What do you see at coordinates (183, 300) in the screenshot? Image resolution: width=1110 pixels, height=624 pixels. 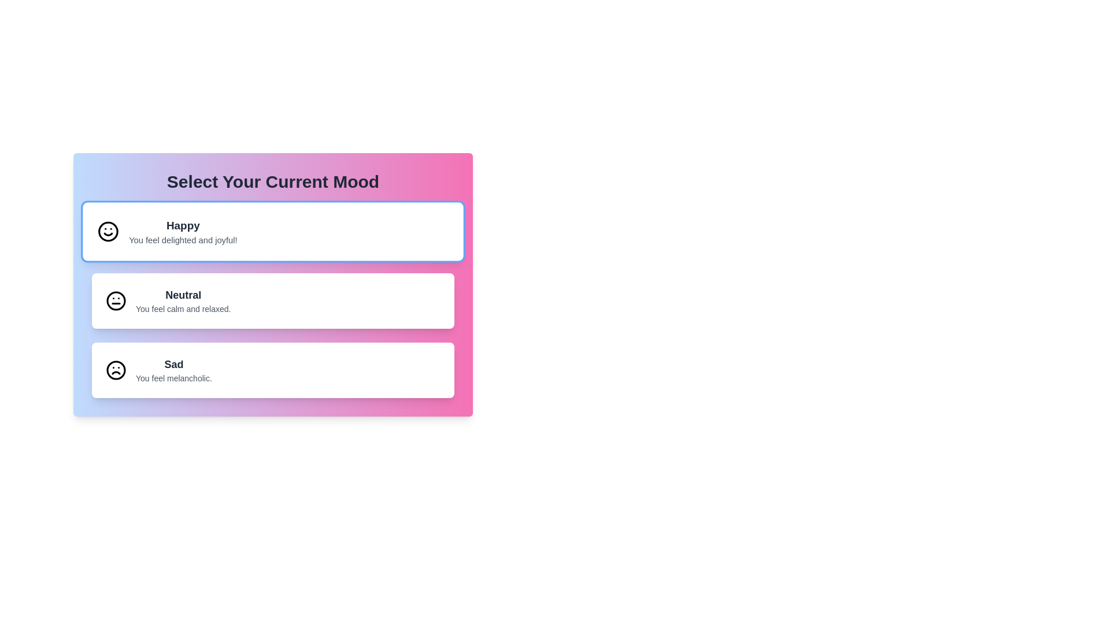 I see `the 'Neutral' mood option in the mood selection interface to emphasize it and show more information` at bounding box center [183, 300].